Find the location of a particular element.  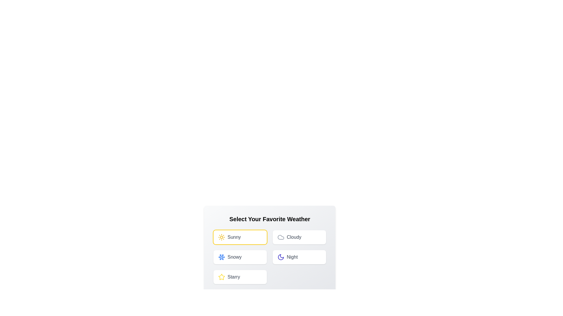

the 'Sunny' weather option button located in the top-left corner of the weather options grid is located at coordinates (240, 237).